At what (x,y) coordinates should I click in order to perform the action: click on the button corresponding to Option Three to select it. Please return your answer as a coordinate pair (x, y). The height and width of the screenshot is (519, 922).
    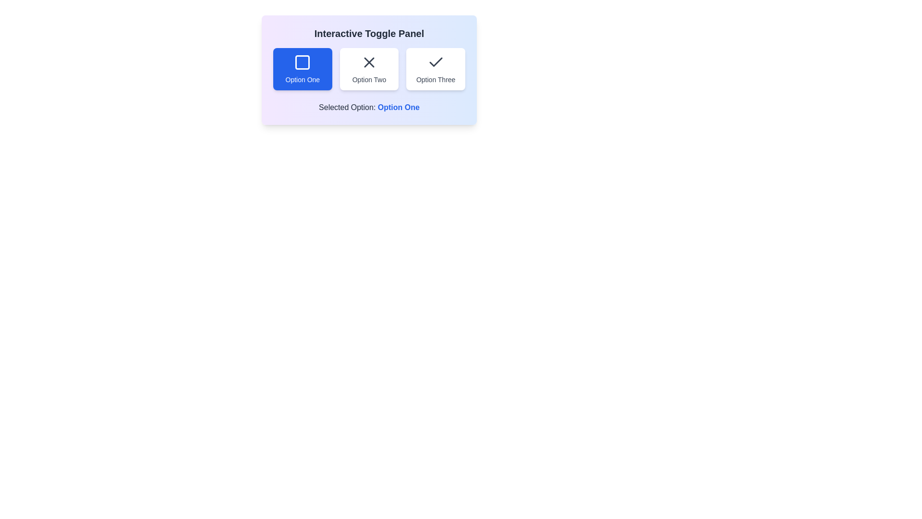
    Looking at the image, I should click on (435, 68).